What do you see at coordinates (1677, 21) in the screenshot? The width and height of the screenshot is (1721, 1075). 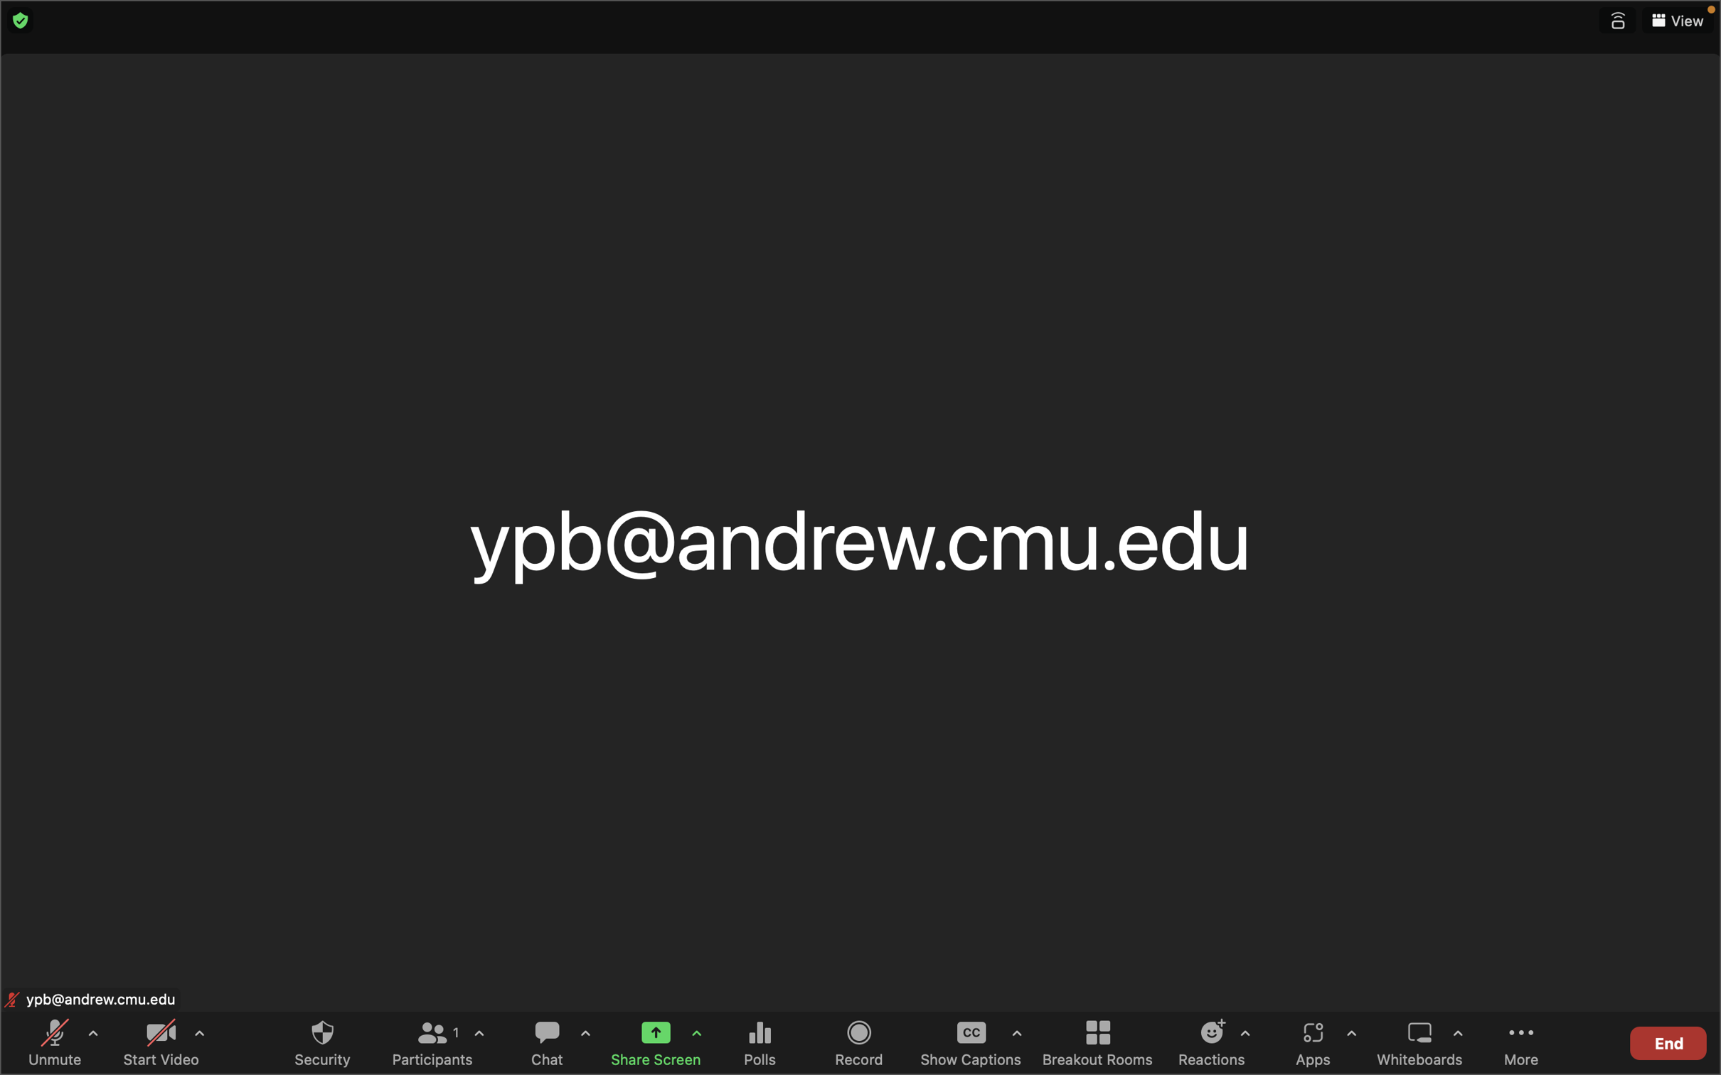 I see `the options for layout` at bounding box center [1677, 21].